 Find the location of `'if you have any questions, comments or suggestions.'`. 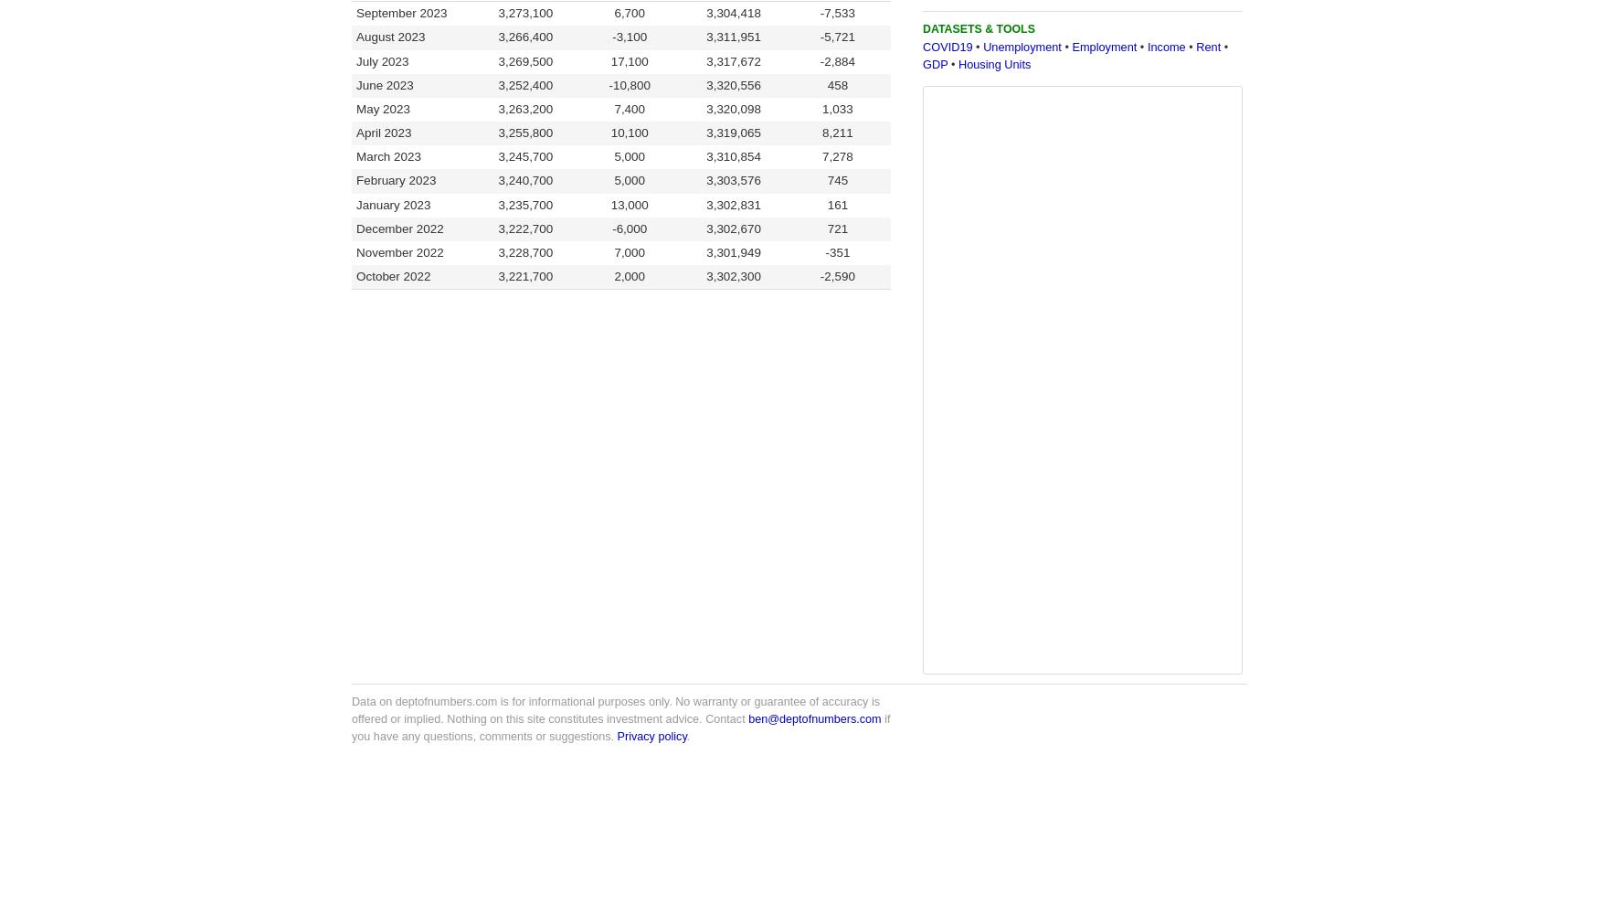

'if you have any questions, comments or suggestions.' is located at coordinates (619, 728).